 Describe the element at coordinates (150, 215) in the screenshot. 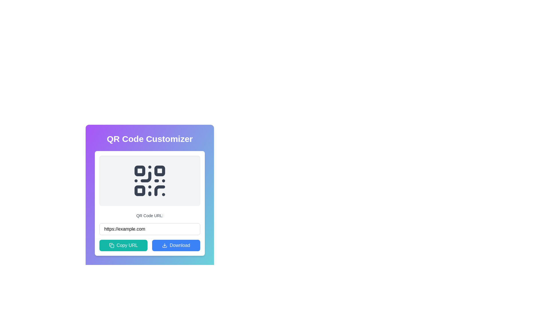

I see `the Text Label that describes the purpose of the adjacent text input field for inserting or displaying the URL associated with a QR code` at that location.